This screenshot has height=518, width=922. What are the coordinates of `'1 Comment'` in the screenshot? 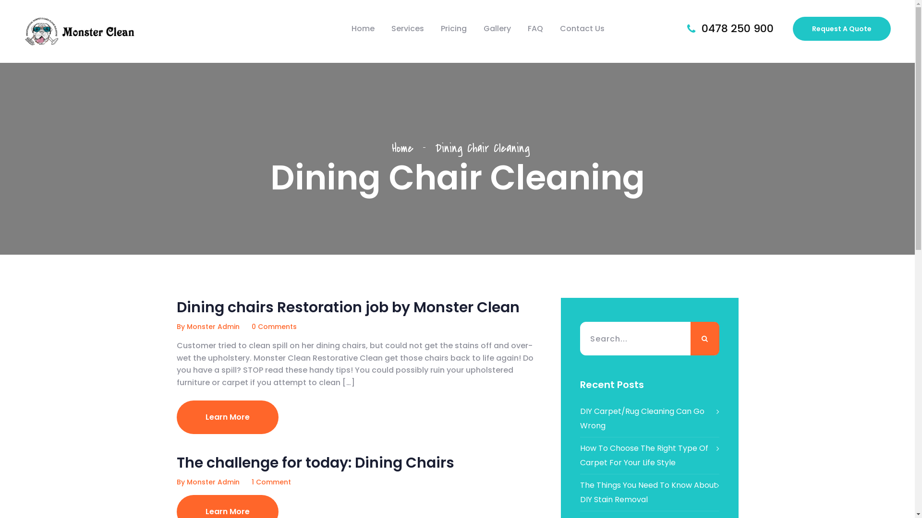 It's located at (271, 482).